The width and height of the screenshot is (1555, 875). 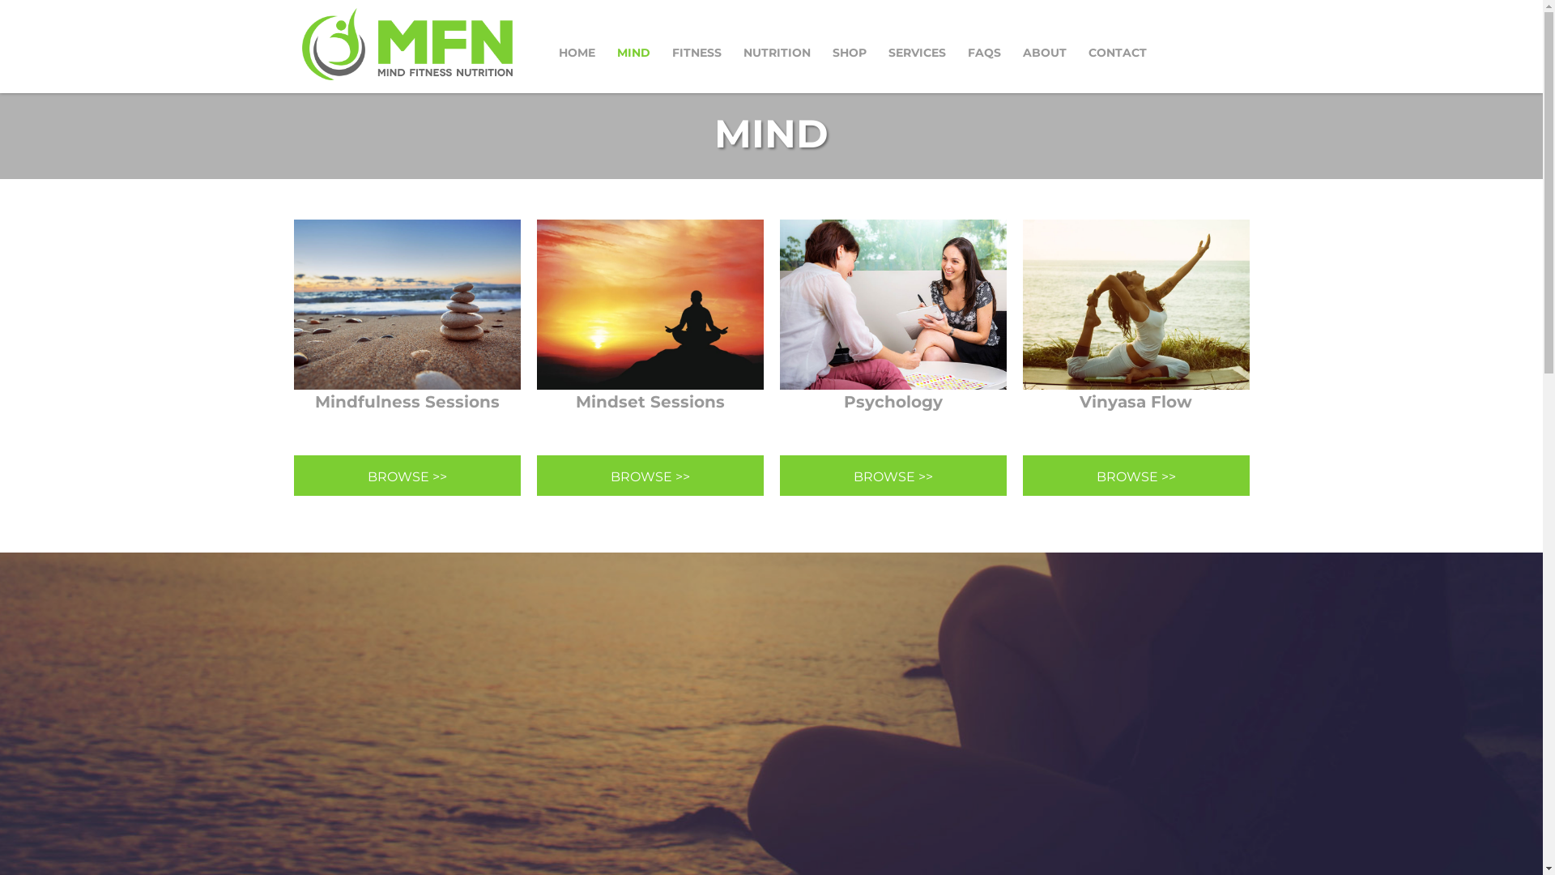 I want to click on 'CONTACT', so click(x=1117, y=52).